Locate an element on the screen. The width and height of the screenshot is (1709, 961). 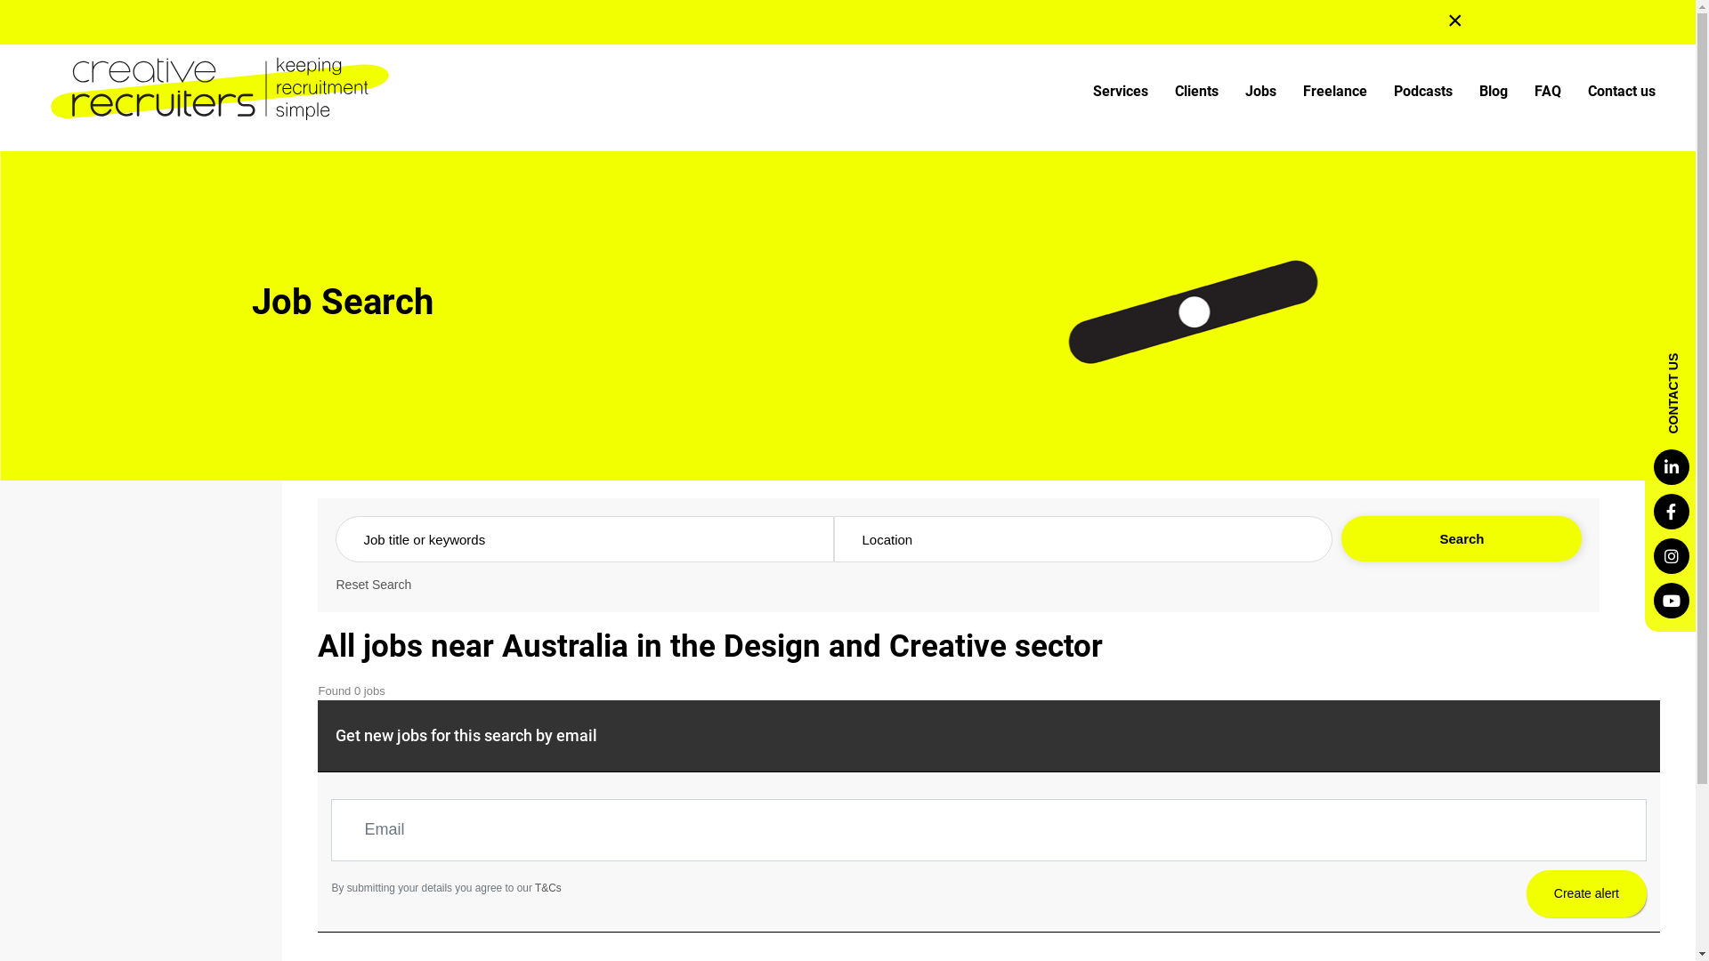
'LinkedIn' is located at coordinates (1670, 465).